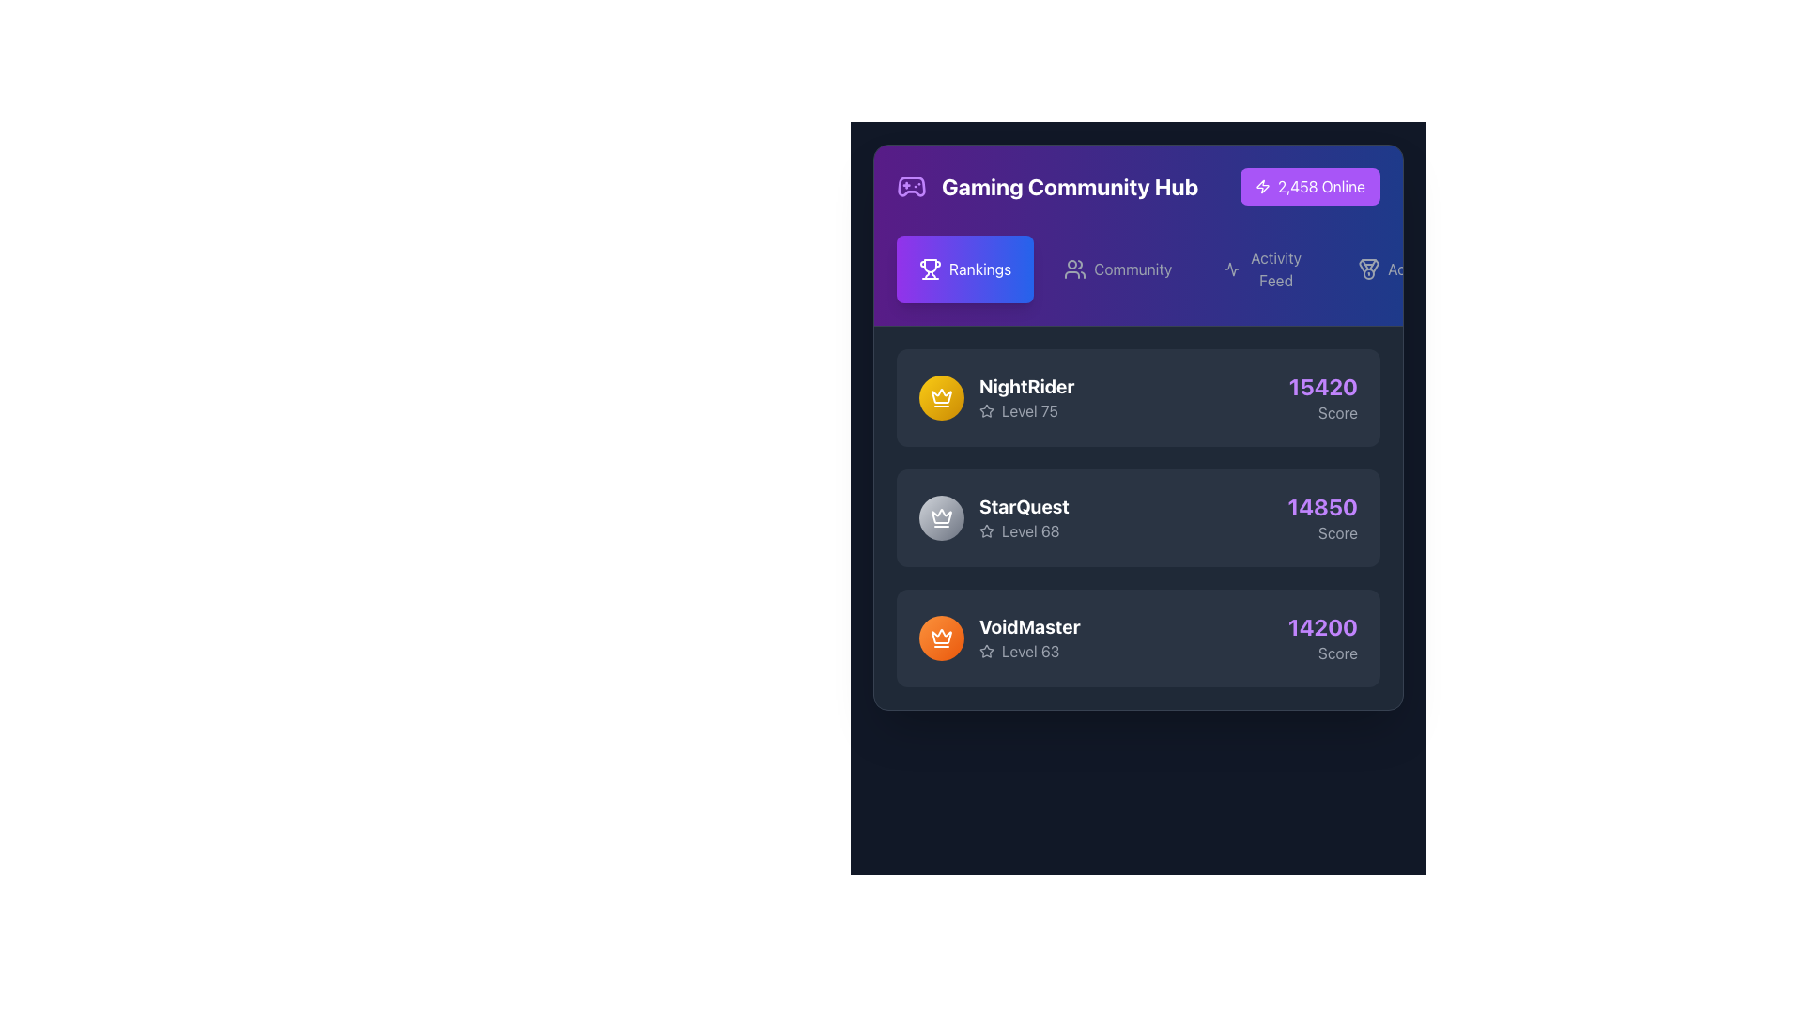 The width and height of the screenshot is (1803, 1014). Describe the element at coordinates (1137, 517) in the screenshot. I see `the second leaderboard entry in the Rankings section` at that location.